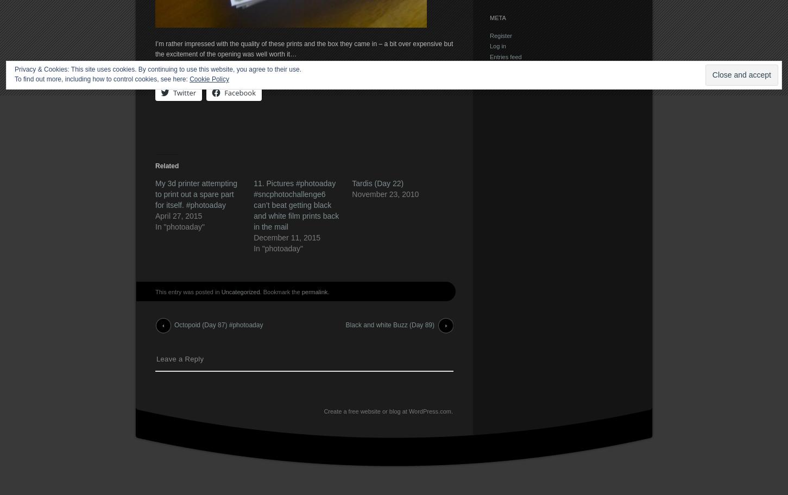 This screenshot has width=788, height=495. I want to click on 'Meta', so click(497, 18).